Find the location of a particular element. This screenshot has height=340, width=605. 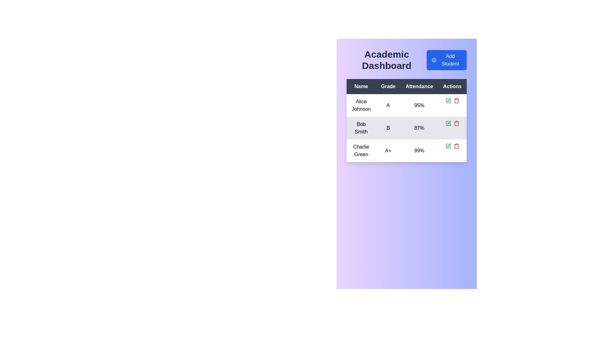

the label indicating the grade received by 'Charlie Green' in the academic records table, located in the 'Grade' column is located at coordinates (388, 150).